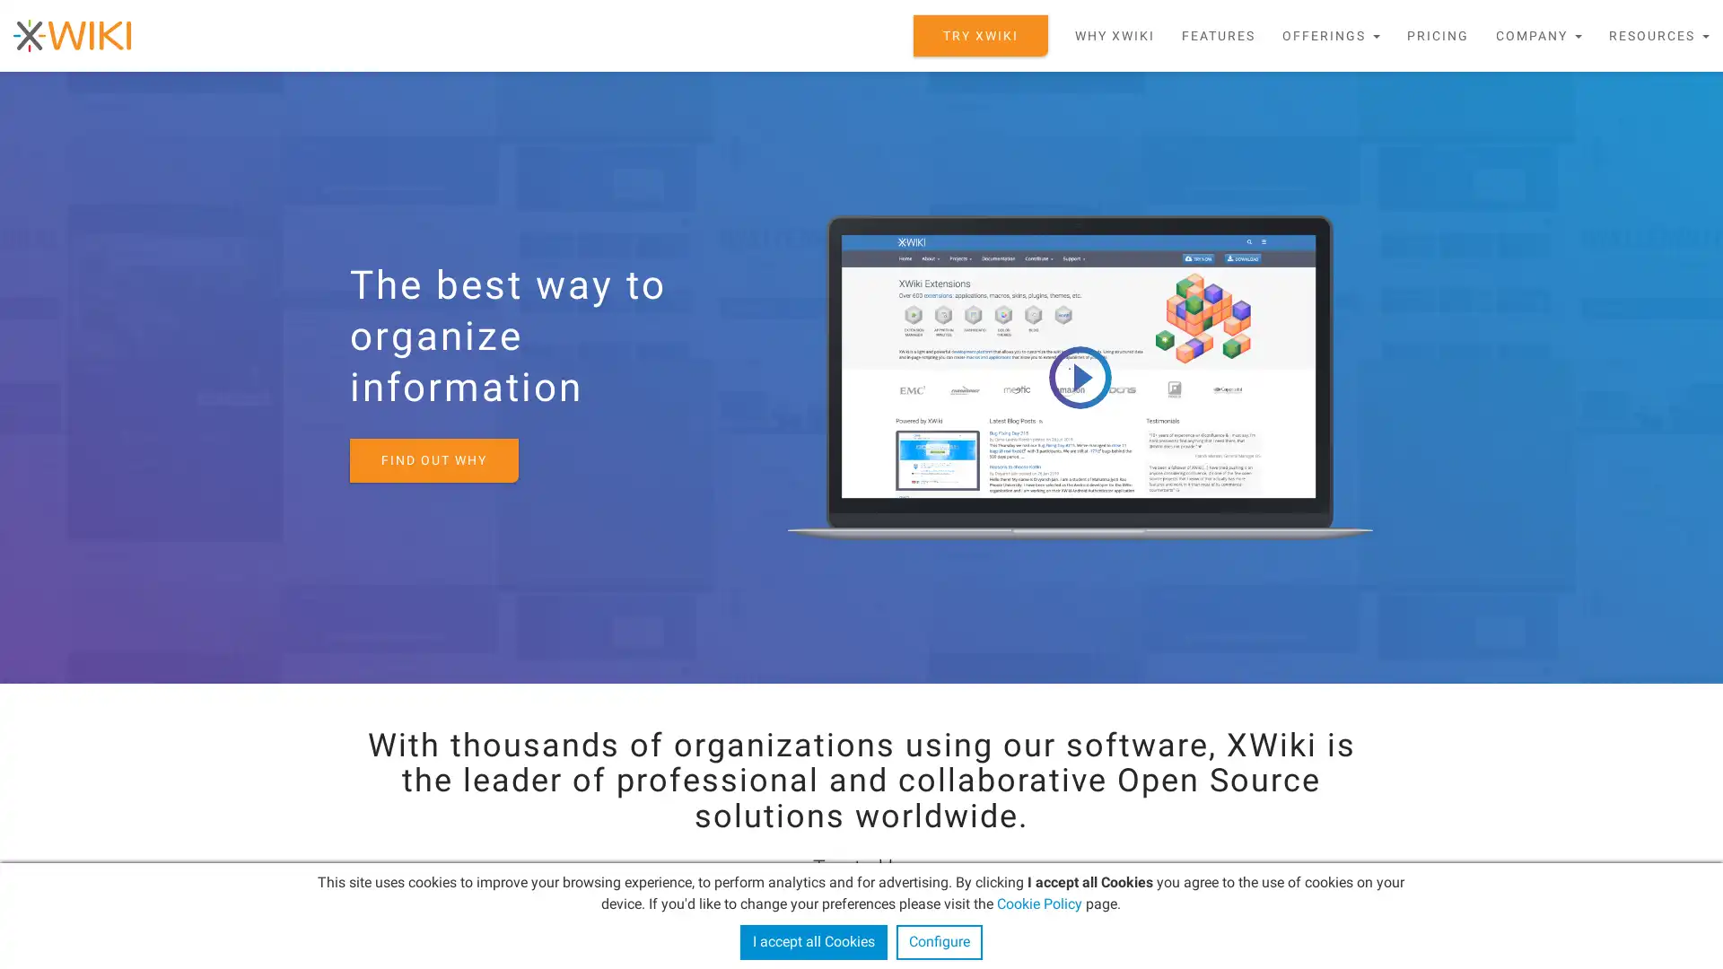  What do you see at coordinates (812, 941) in the screenshot?
I see `I accept all Cookies` at bounding box center [812, 941].